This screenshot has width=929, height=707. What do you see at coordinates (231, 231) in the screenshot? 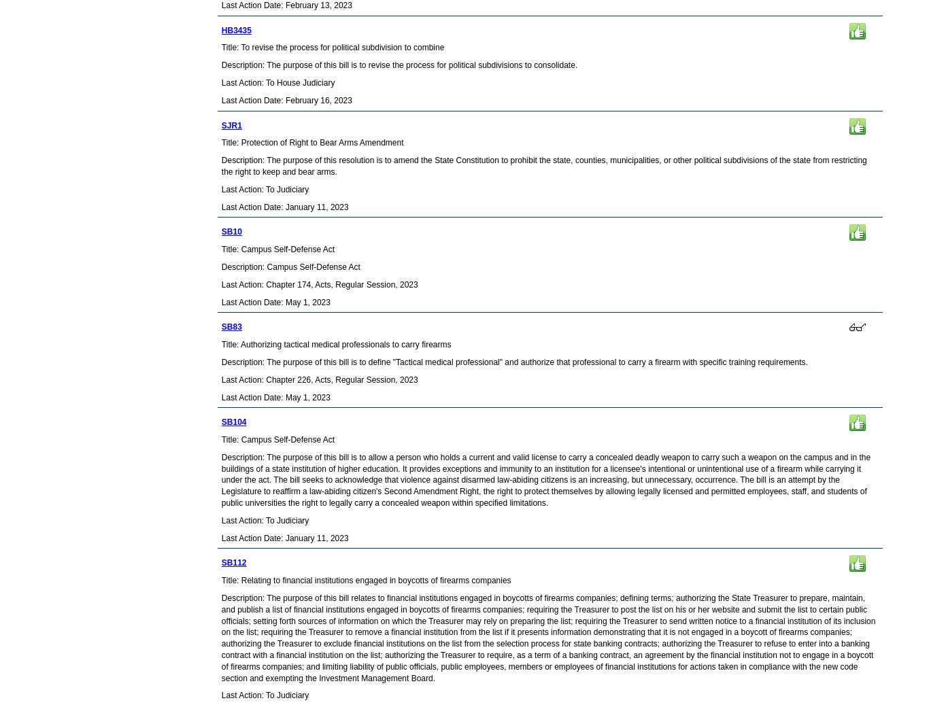
I see `'SB10'` at bounding box center [231, 231].